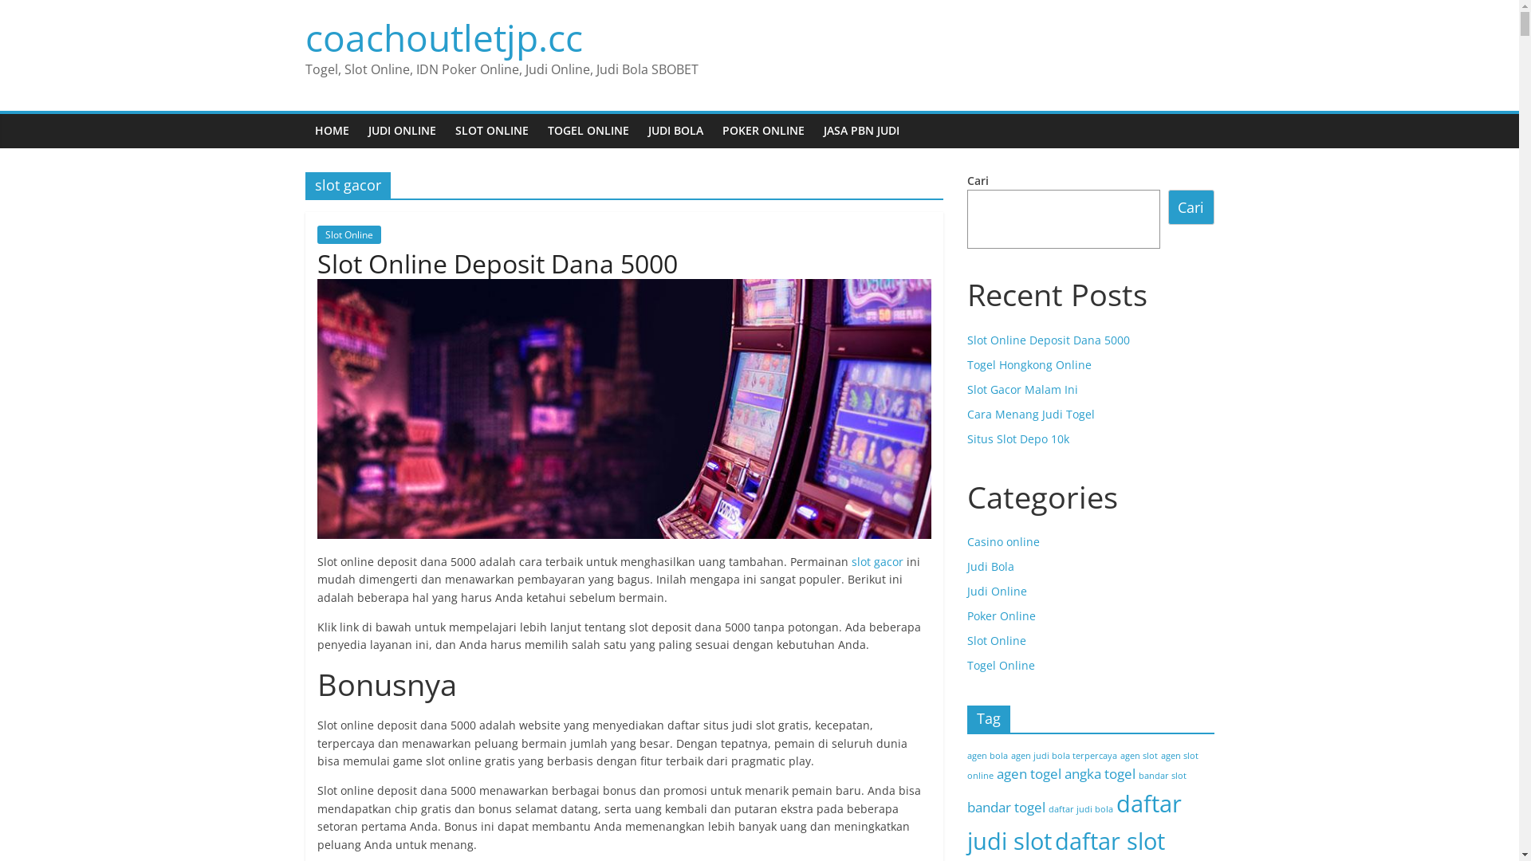 The width and height of the screenshot is (1531, 861). I want to click on 'Slot Gacor Malam Ini', so click(965, 389).